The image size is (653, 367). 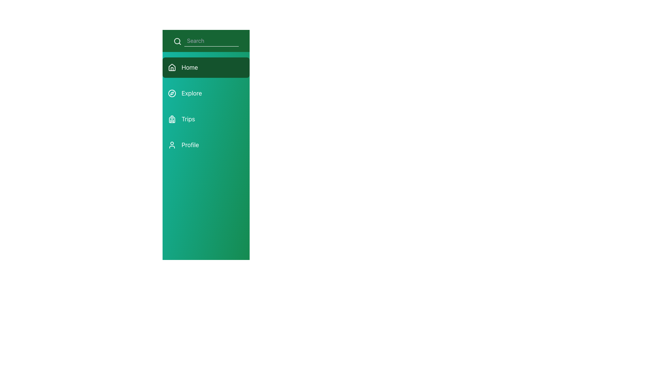 I want to click on the 'Home' button located in the left-hand sidebar, so click(x=205, y=68).